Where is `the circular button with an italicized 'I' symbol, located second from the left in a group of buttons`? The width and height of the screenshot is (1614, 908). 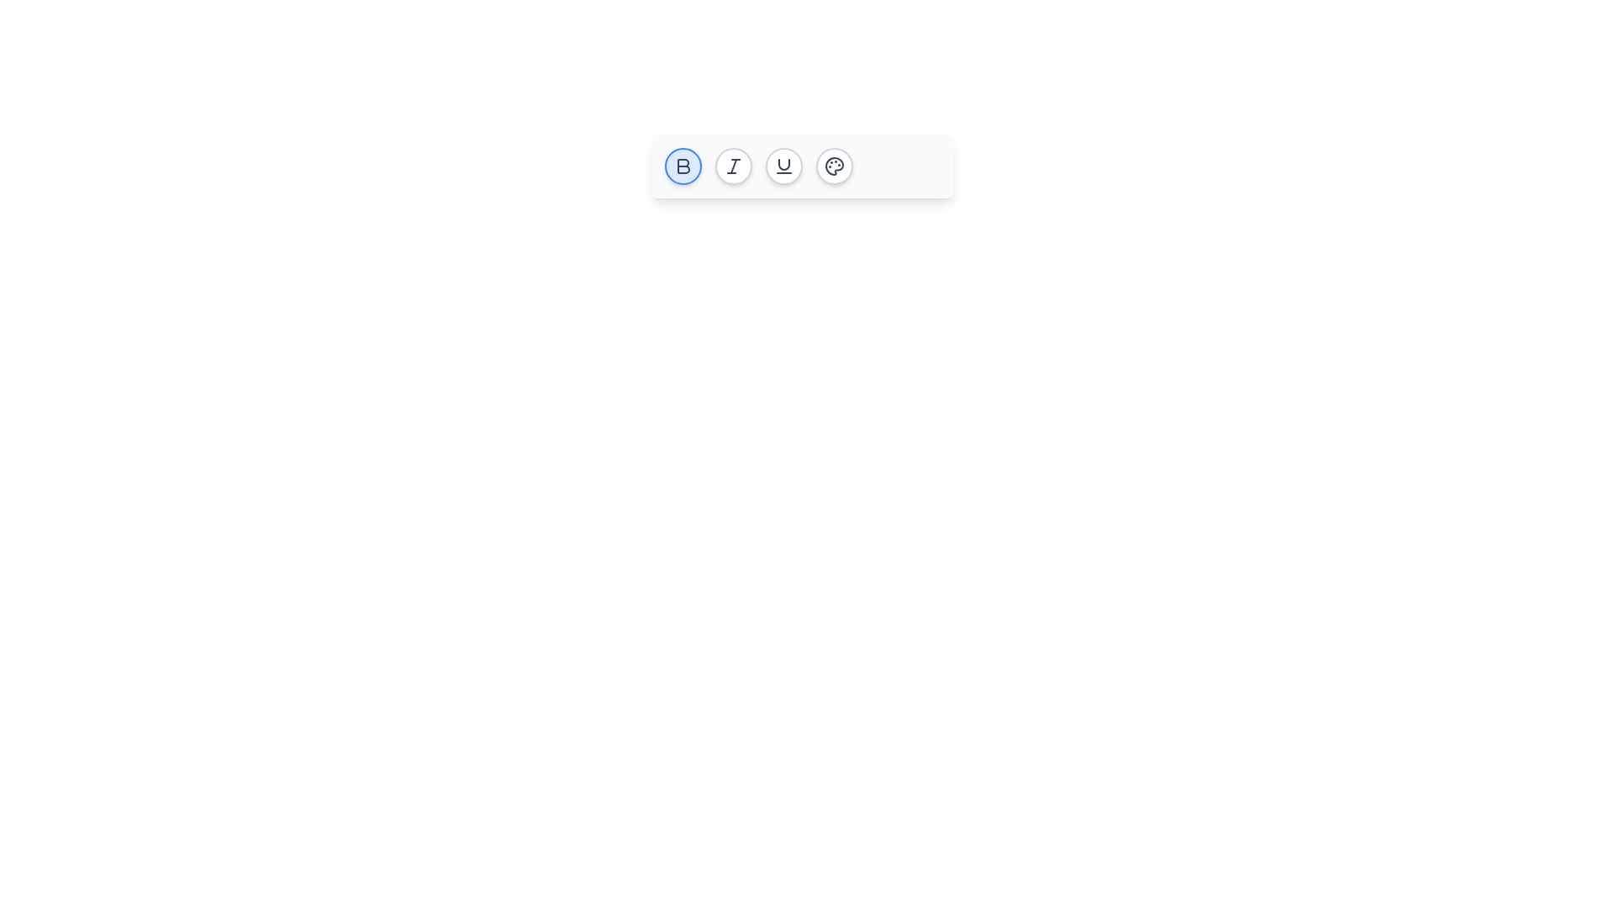 the circular button with an italicized 'I' symbol, located second from the left in a group of buttons is located at coordinates (734, 166).